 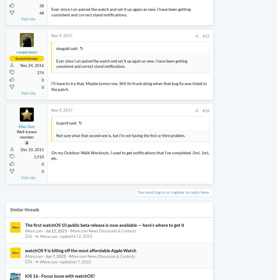 I want to click on '38', so click(x=41, y=39).